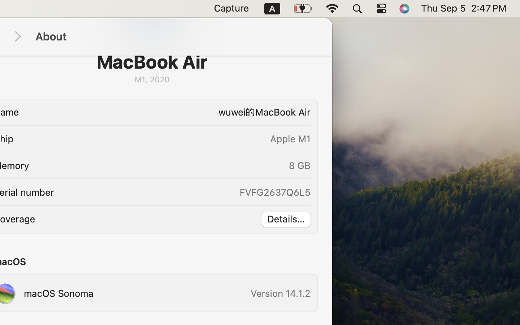 This screenshot has width=520, height=325. Describe the element at coordinates (167, 111) in the screenshot. I see `'wuwei的MacBook Air'` at that location.